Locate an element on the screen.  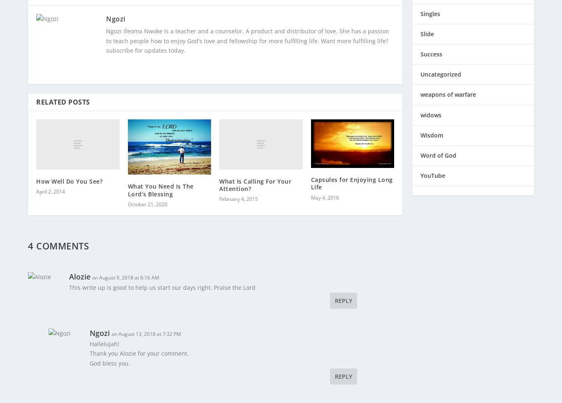
'Capsules for Enjoying Long Life' is located at coordinates (351, 178).